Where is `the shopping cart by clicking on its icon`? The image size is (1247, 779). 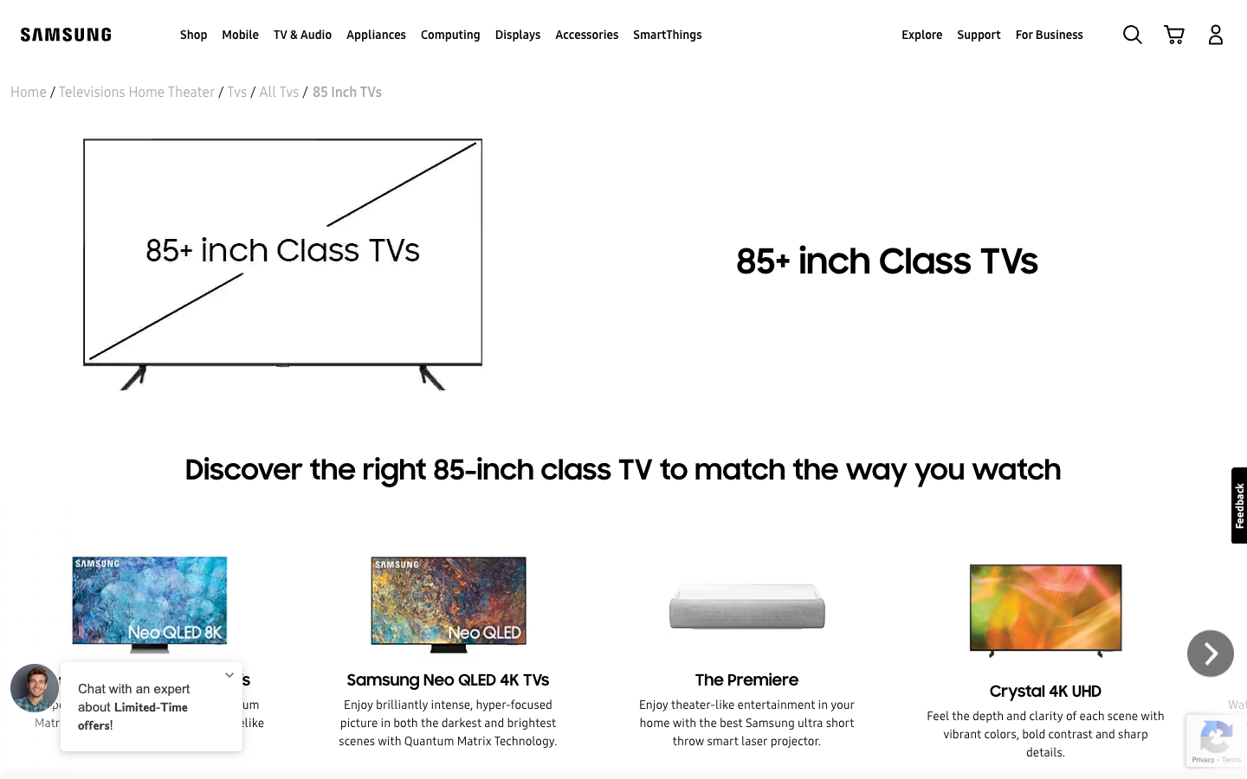 the shopping cart by clicking on its icon is located at coordinates (1173, 33).